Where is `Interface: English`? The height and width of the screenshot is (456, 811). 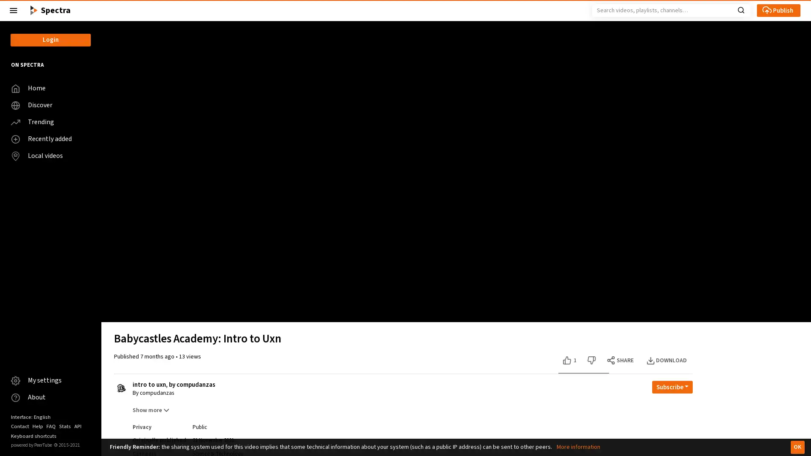 Interface: English is located at coordinates (30, 416).